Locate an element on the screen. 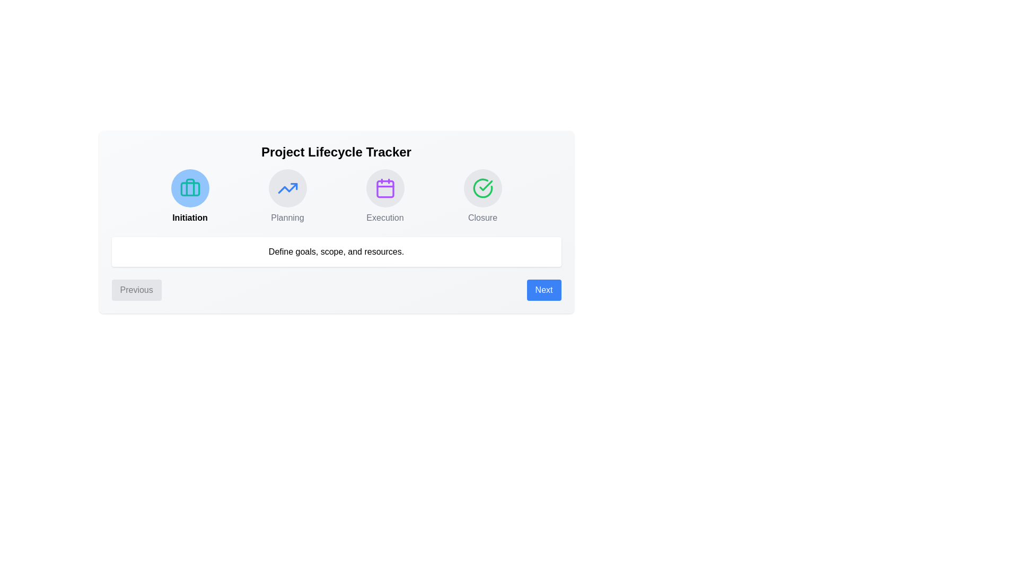 This screenshot has width=1018, height=573. the Next button to navigate between steps is located at coordinates (544, 290).